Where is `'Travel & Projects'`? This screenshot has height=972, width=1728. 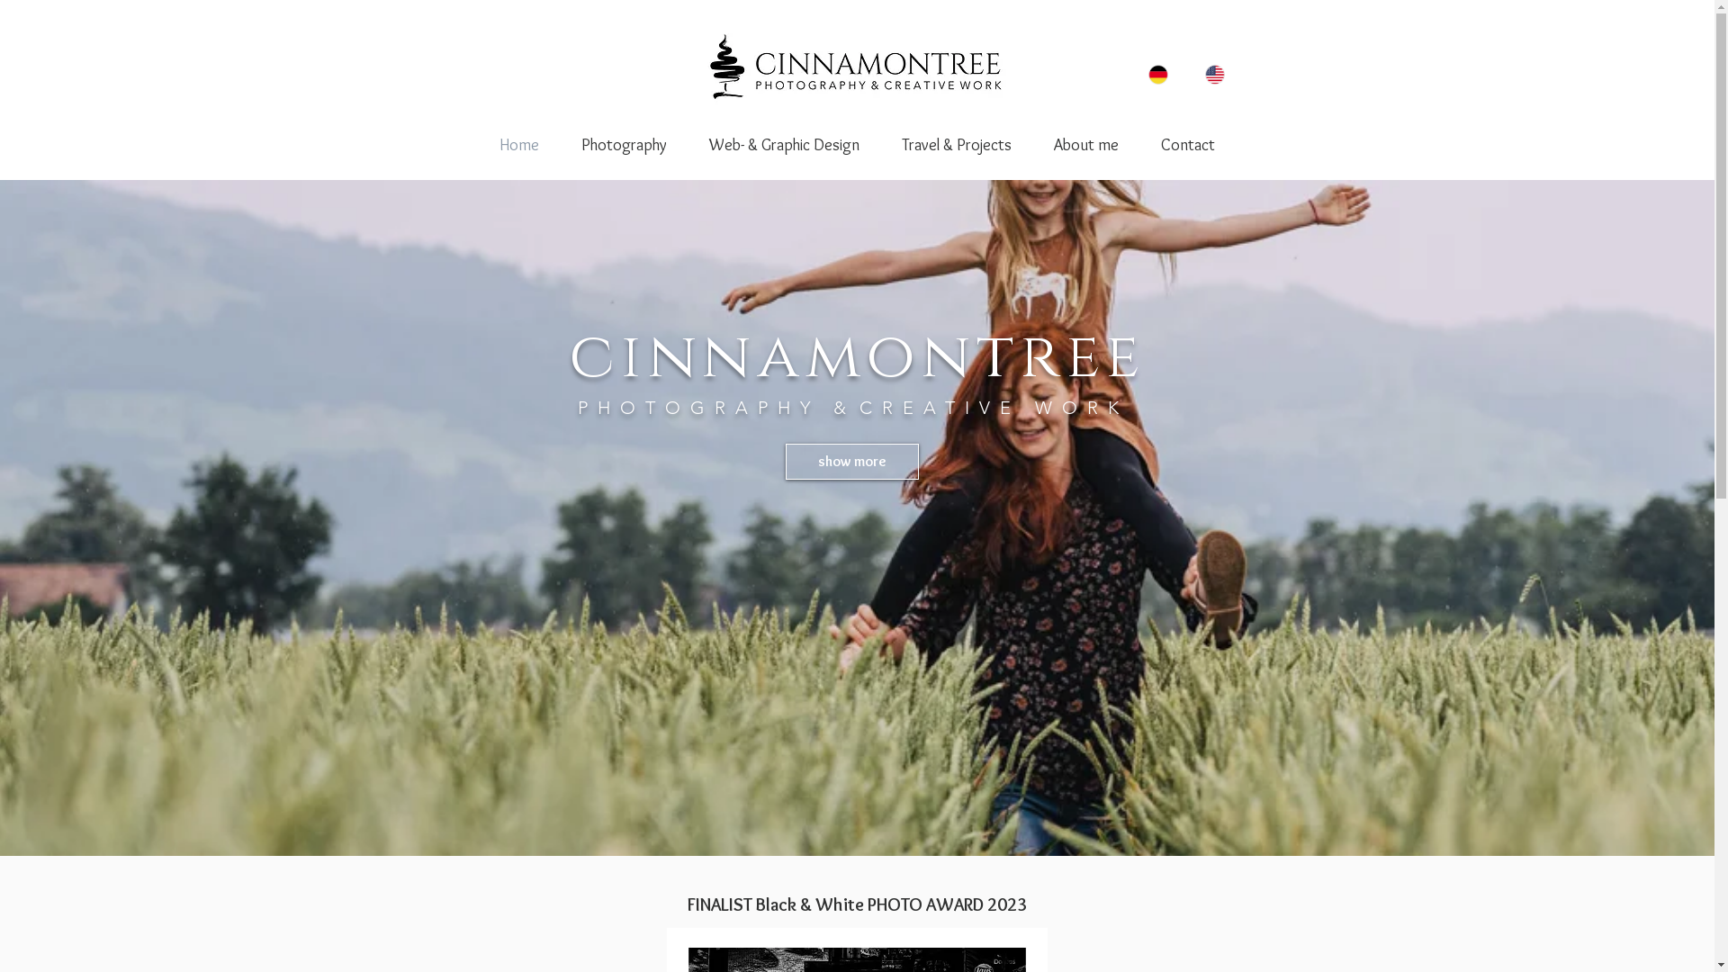
'Travel & Projects' is located at coordinates (880, 144).